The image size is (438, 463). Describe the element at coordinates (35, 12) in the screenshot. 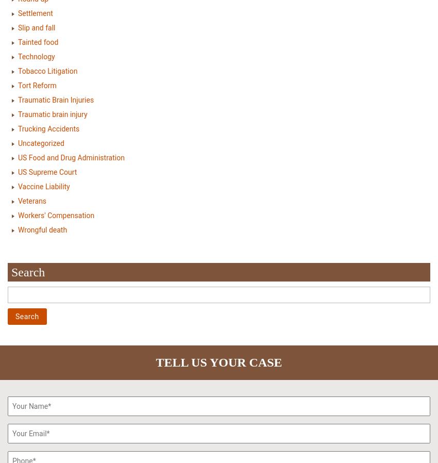

I see `'Settlement'` at that location.